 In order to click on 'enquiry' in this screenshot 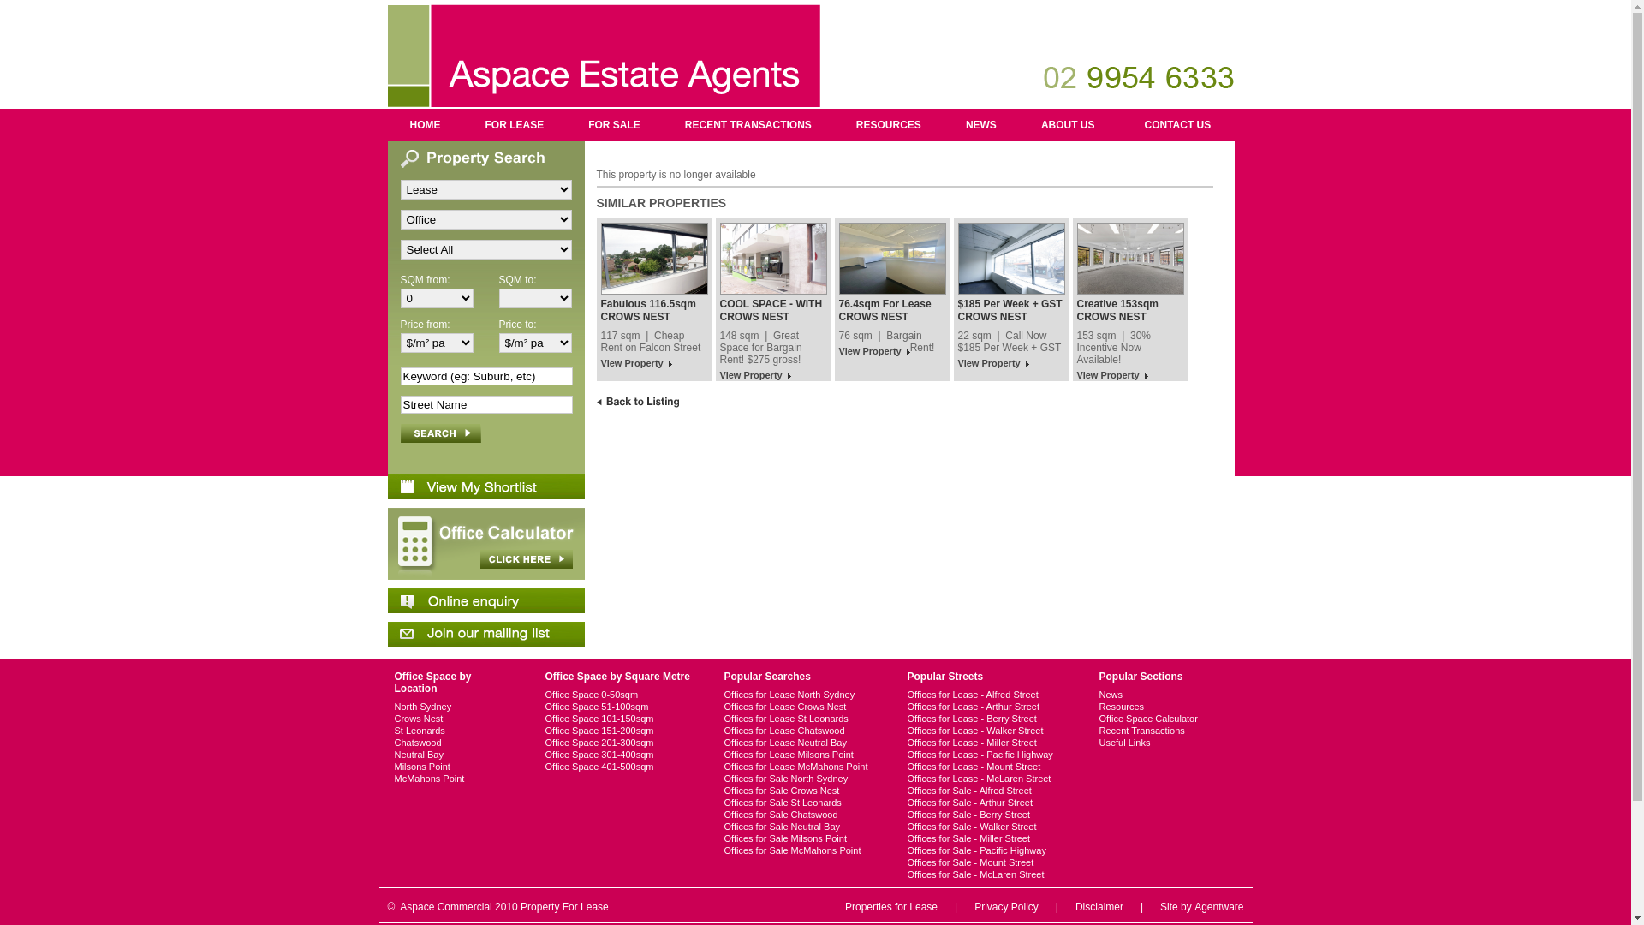, I will do `click(484, 600)`.